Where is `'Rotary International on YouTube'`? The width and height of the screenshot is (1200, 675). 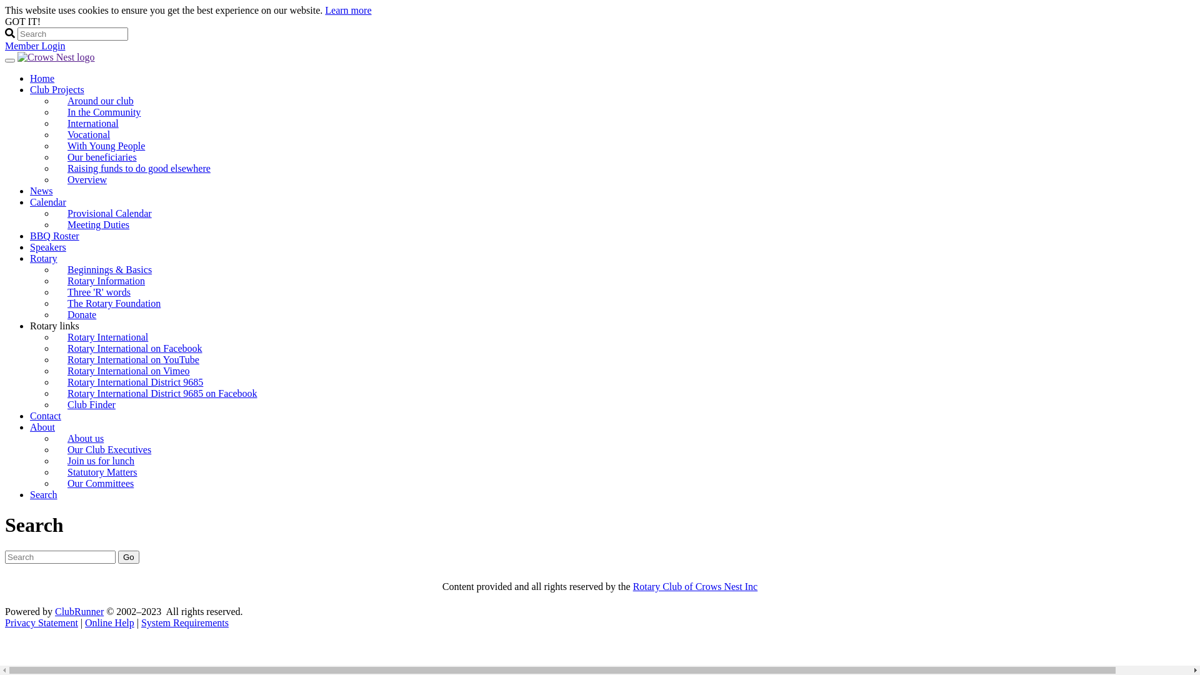 'Rotary International on YouTube' is located at coordinates (133, 359).